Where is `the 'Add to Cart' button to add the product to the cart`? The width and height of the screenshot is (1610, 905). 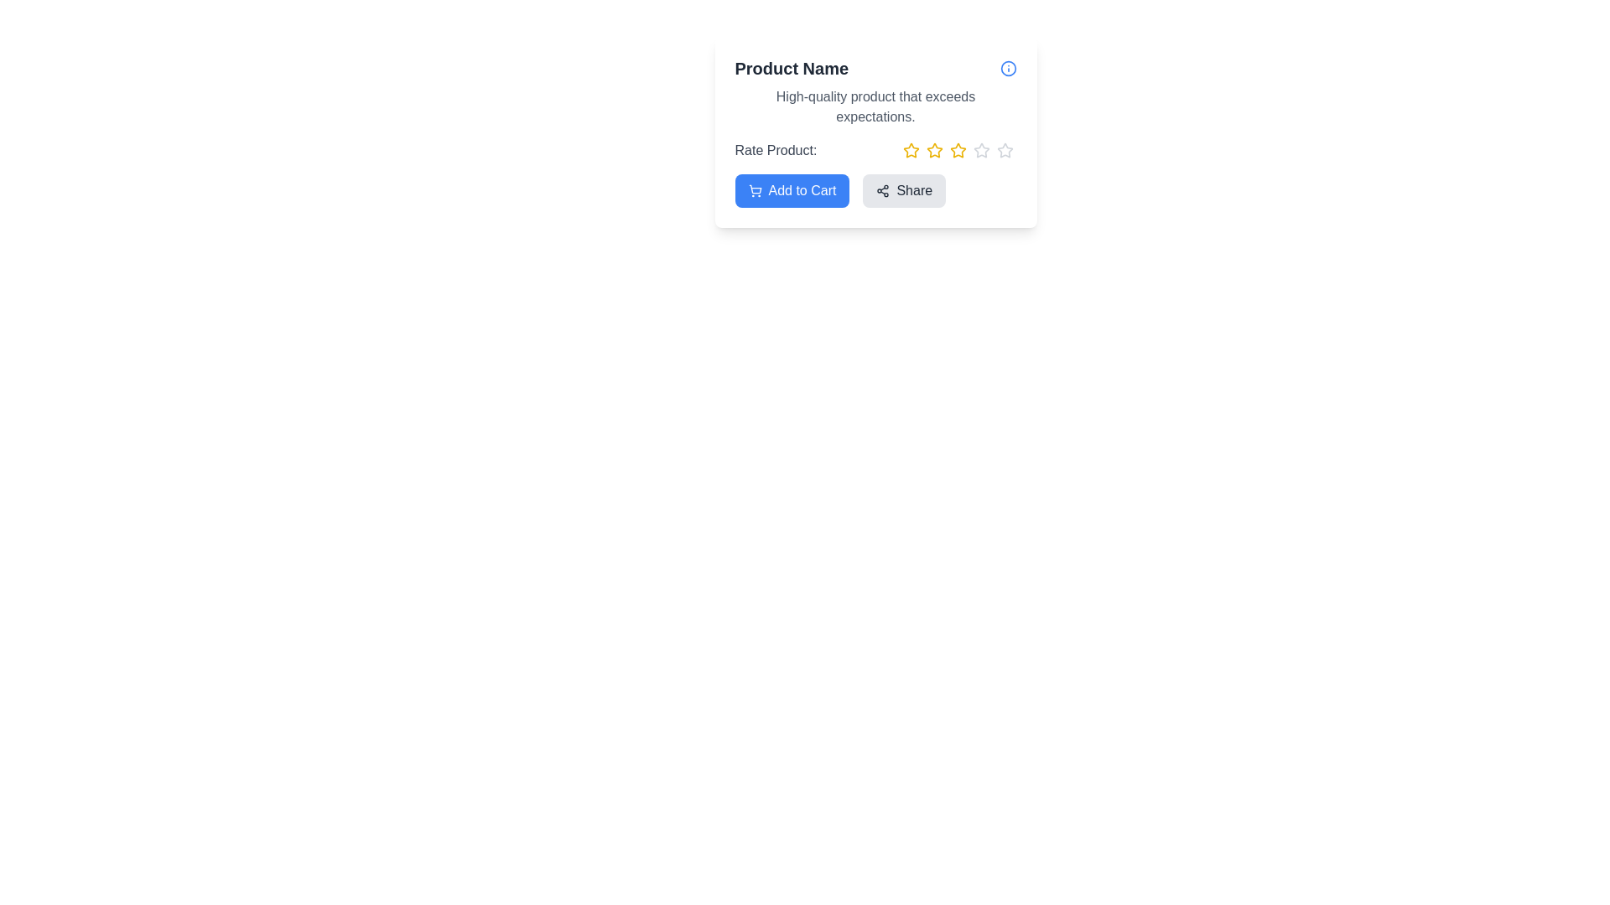
the 'Add to Cart' button to add the product to the cart is located at coordinates (792, 189).